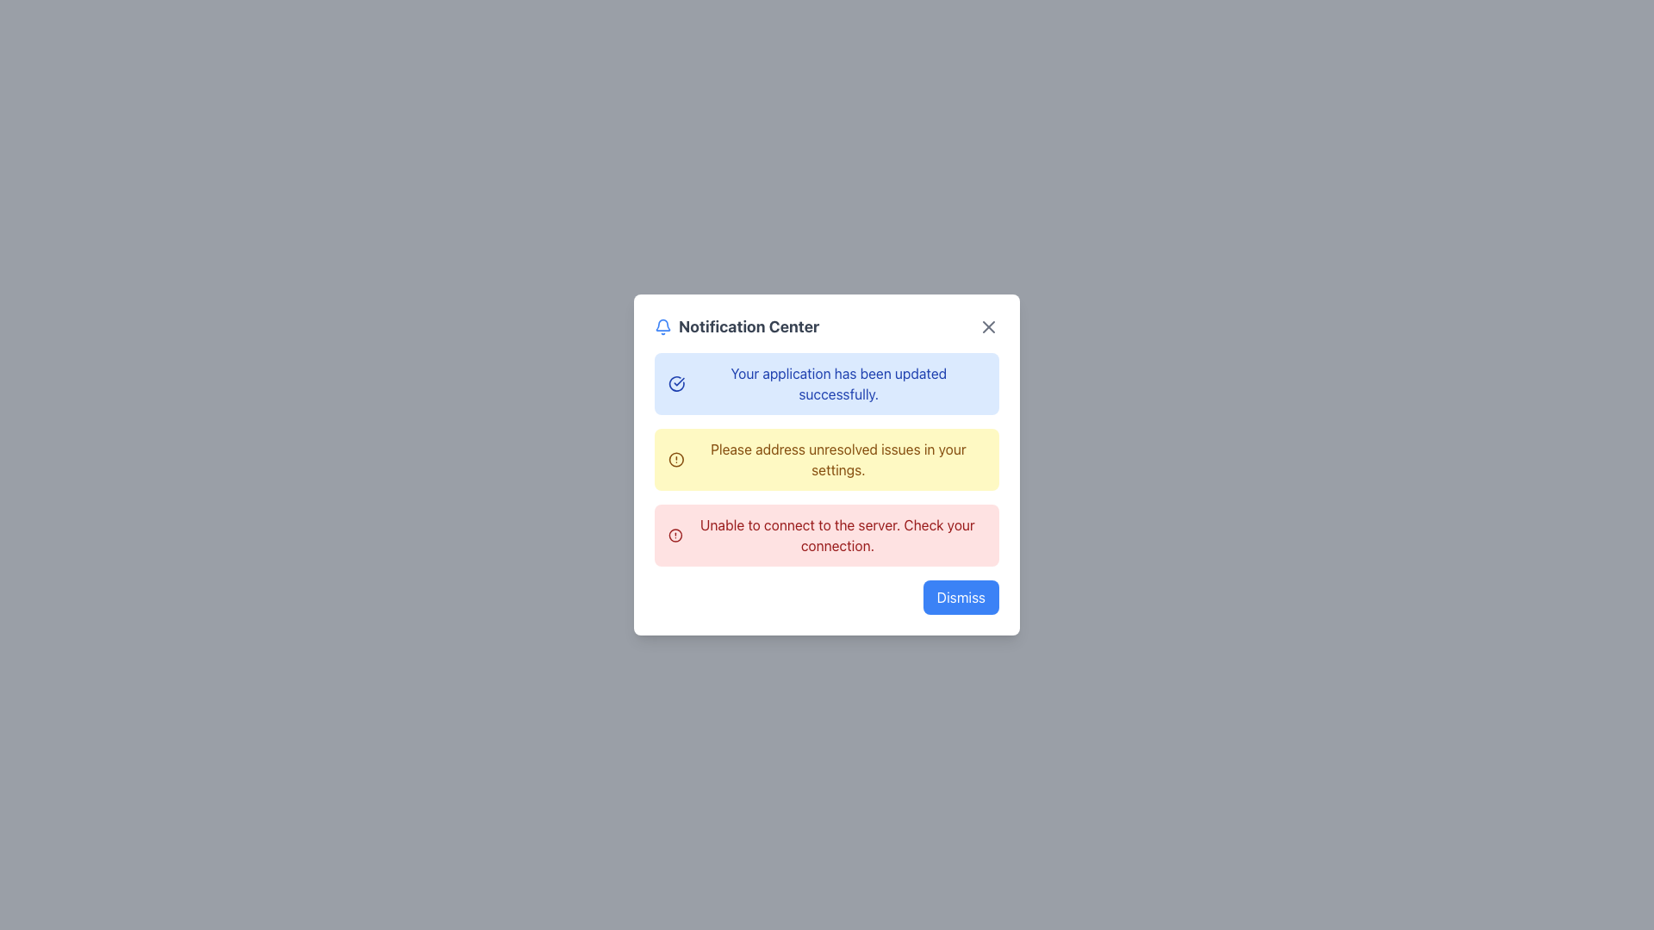 Image resolution: width=1654 pixels, height=930 pixels. Describe the element at coordinates (675, 383) in the screenshot. I see `the success icon located to the left of the message 'Your application has been updated successfully' in the notification center` at that location.